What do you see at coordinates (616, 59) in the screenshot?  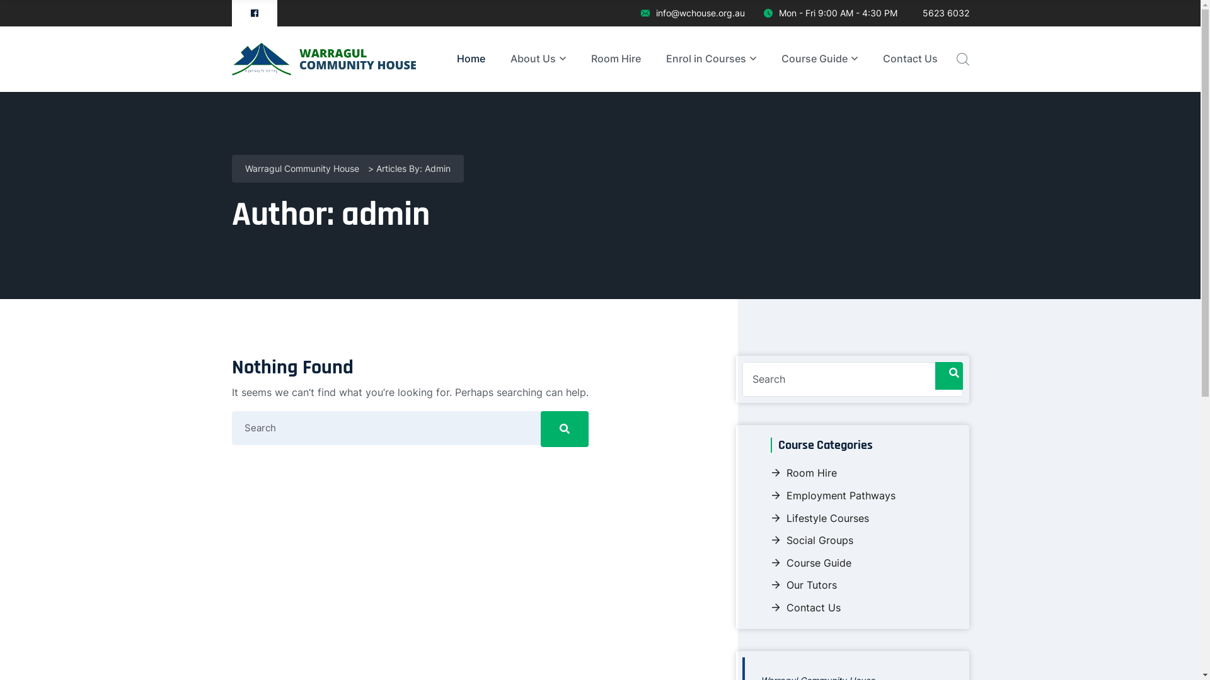 I see `'Room Hire'` at bounding box center [616, 59].